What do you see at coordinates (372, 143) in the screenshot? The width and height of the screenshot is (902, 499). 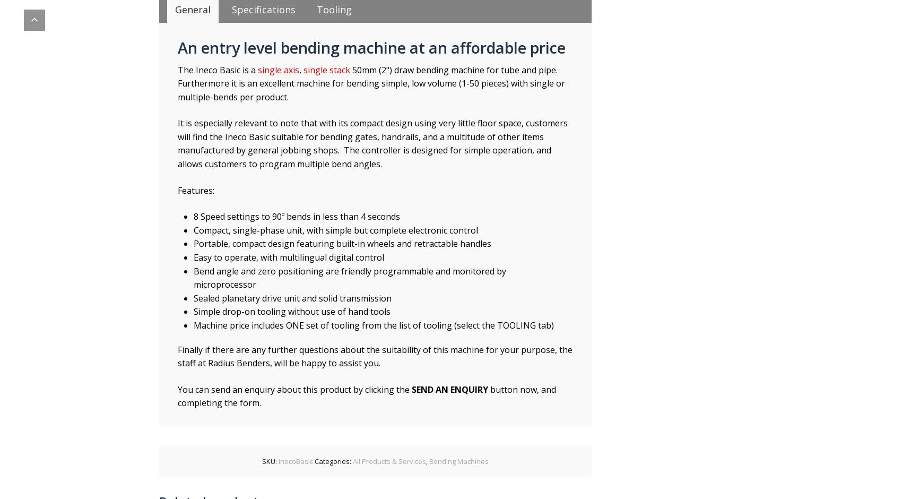 I see `'It is especially relevant to note that with its compact design using very little floor space, customers will find the Ineco Basic suitable for bending gates, handrails, and a multitude of other items manufactured by general jobbing shops.  The controller is designed for simple operation, and allows customers to program multiple bend angles.'` at bounding box center [372, 143].